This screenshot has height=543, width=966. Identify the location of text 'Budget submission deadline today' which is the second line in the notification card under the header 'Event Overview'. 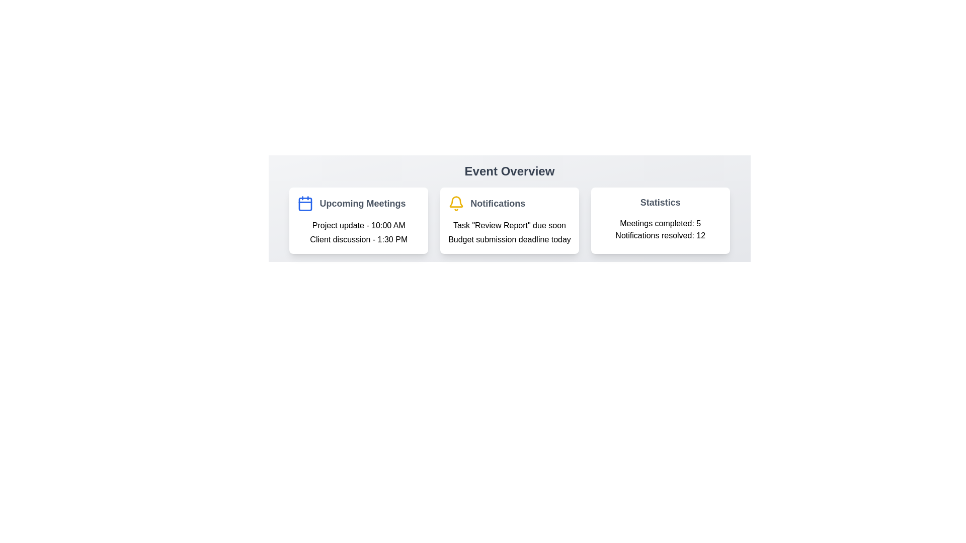
(509, 240).